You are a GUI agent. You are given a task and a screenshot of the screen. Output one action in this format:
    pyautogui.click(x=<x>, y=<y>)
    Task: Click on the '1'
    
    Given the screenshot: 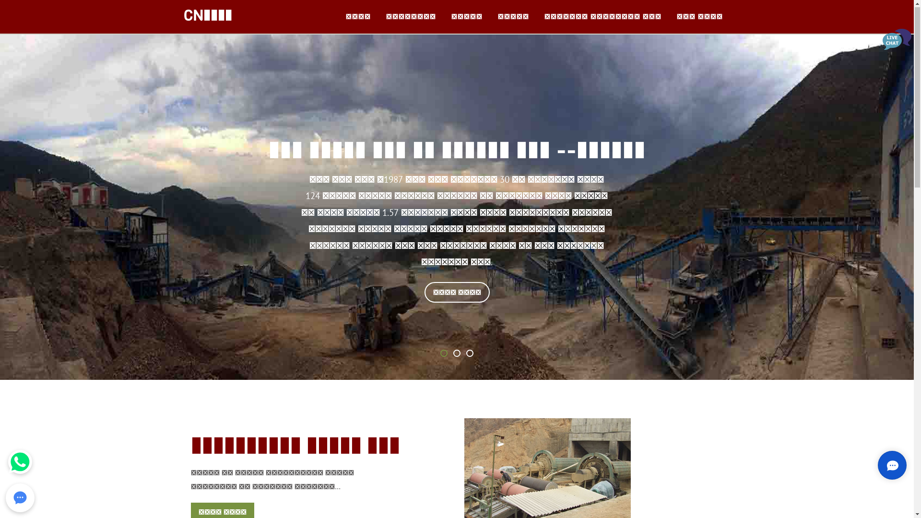 What is the action you would take?
    pyautogui.click(x=443, y=353)
    